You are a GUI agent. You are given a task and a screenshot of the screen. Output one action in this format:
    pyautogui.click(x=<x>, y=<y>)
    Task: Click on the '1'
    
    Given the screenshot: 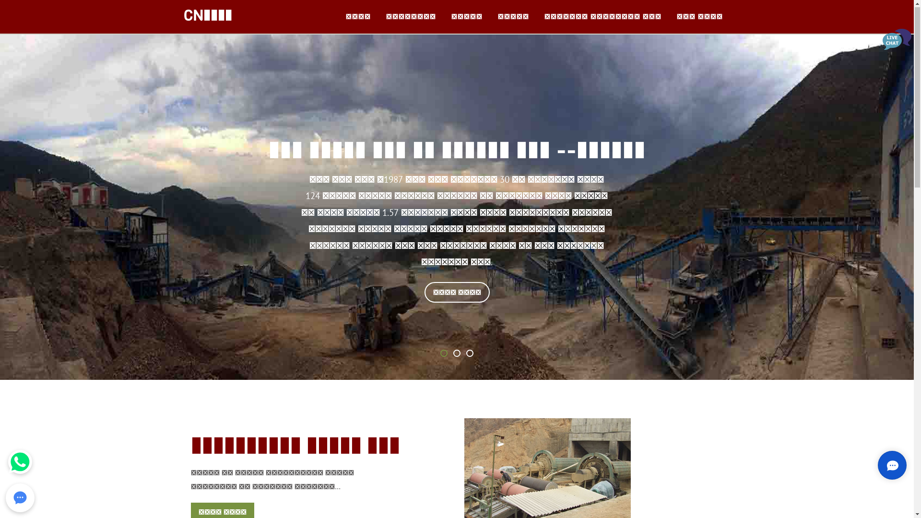 What is the action you would take?
    pyautogui.click(x=443, y=353)
    